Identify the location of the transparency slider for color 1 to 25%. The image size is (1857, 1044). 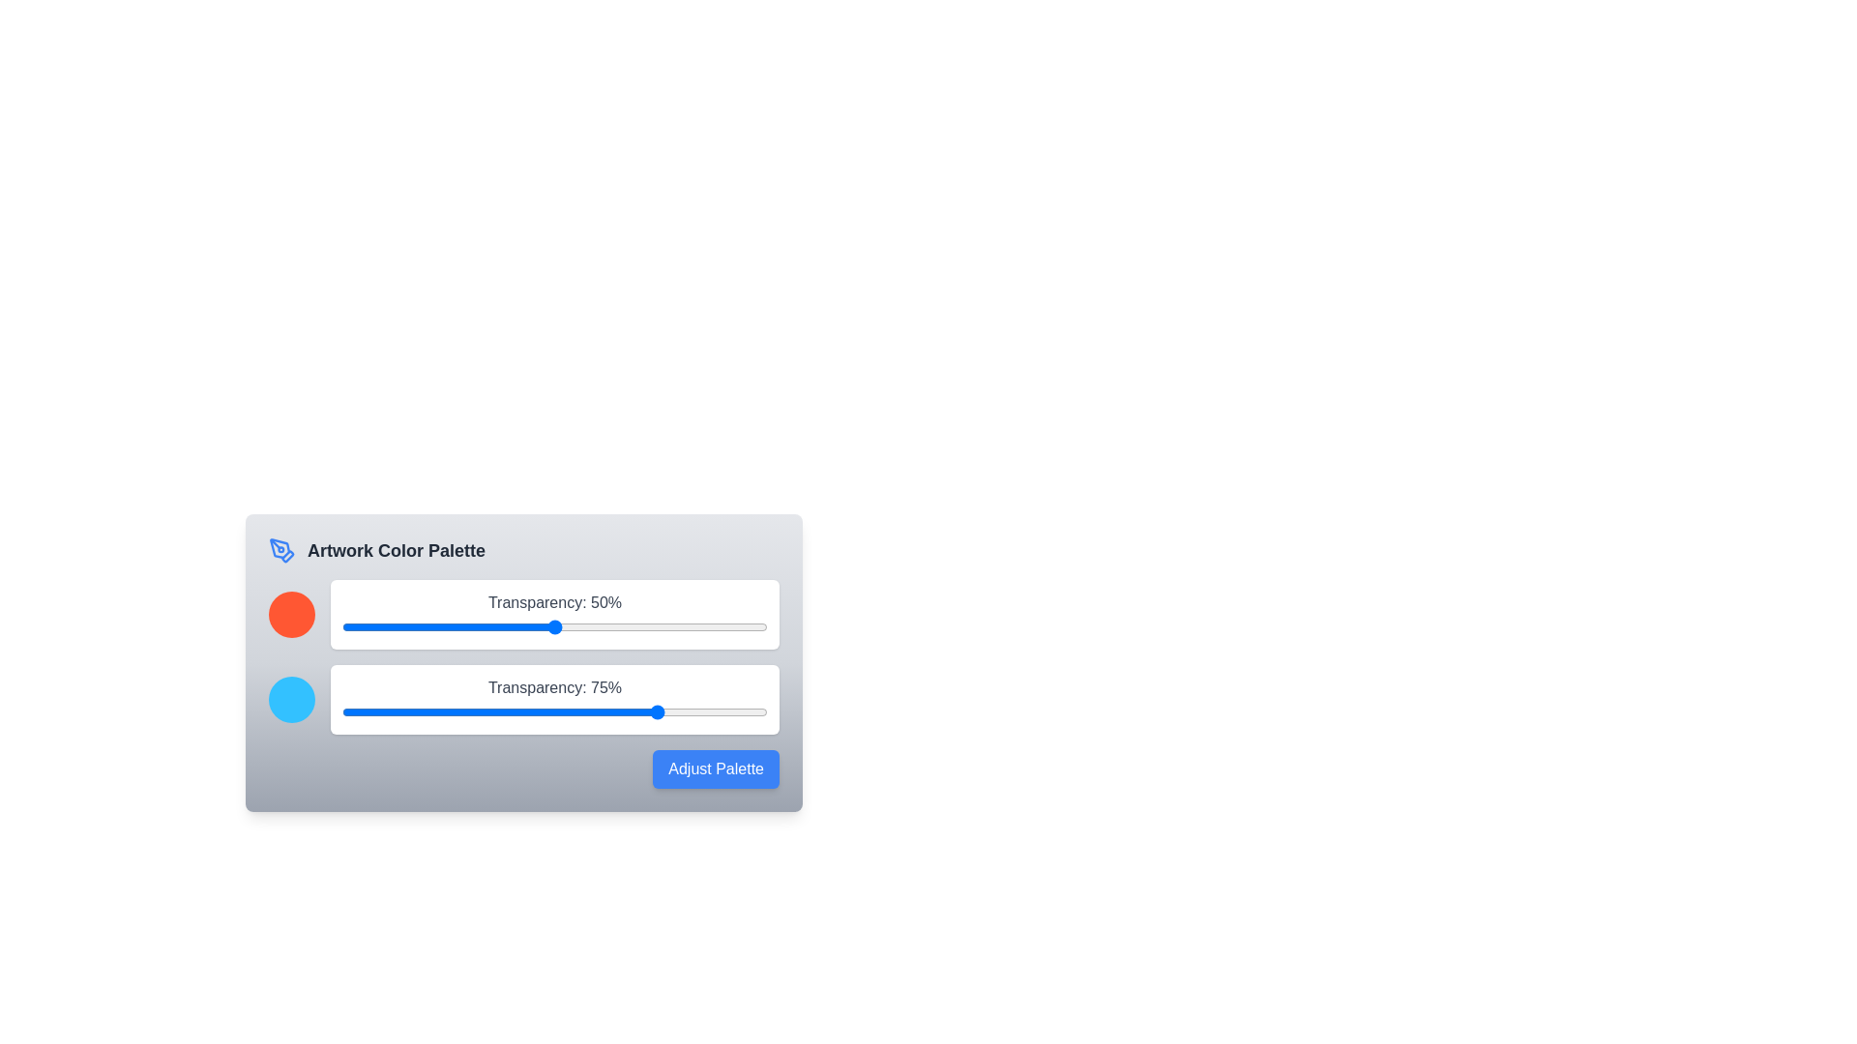
(448, 626).